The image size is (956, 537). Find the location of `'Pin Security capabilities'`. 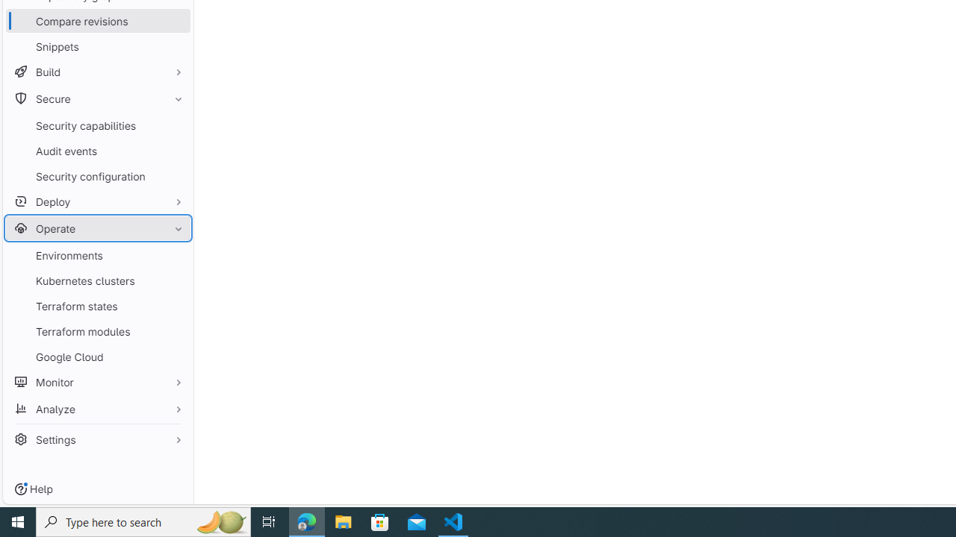

'Pin Security capabilities' is located at coordinates (175, 125).